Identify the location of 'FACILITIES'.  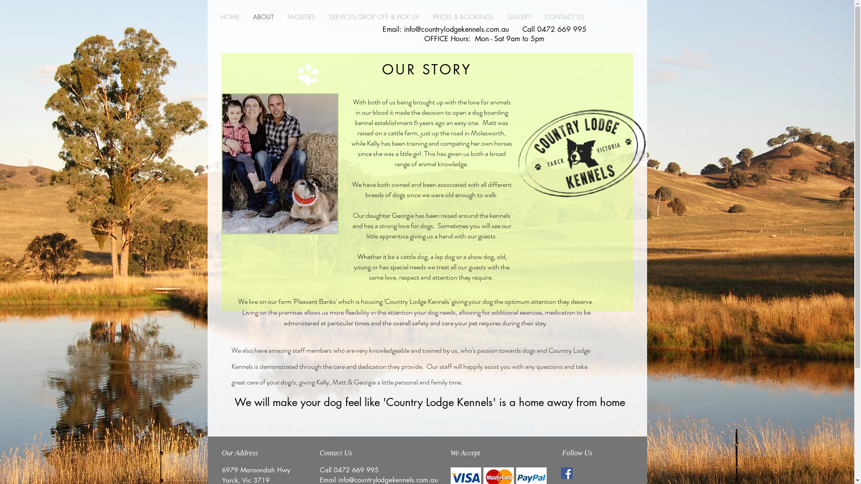
(301, 17).